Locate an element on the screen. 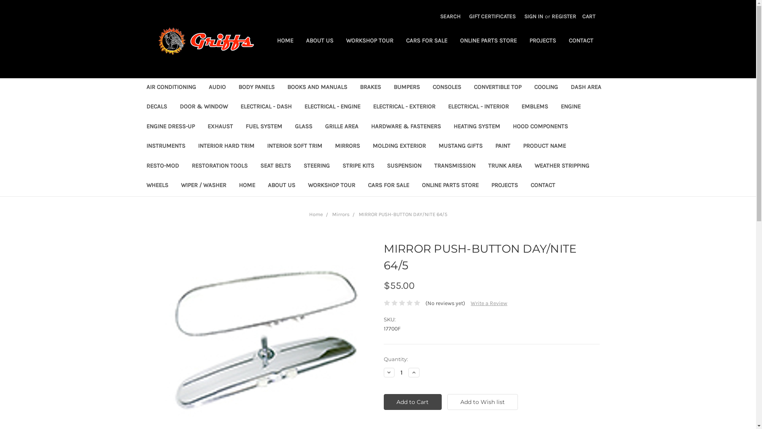 Image resolution: width=762 pixels, height=429 pixels. 'WORKSHOP TOUR' is located at coordinates (369, 41).